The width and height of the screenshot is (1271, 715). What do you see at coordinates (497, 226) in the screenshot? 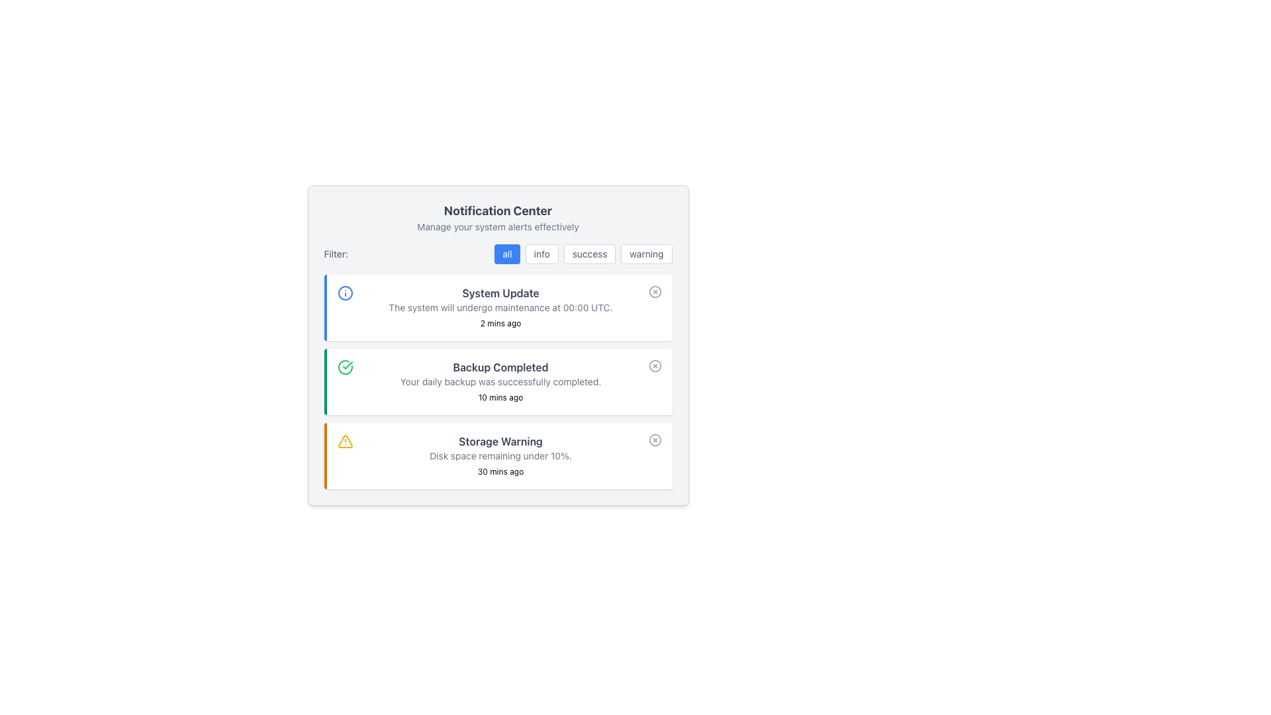
I see `the static text that serves as a descriptive tagline or instructional subtitle, located directly beneath the 'Notification Center' title` at bounding box center [497, 226].